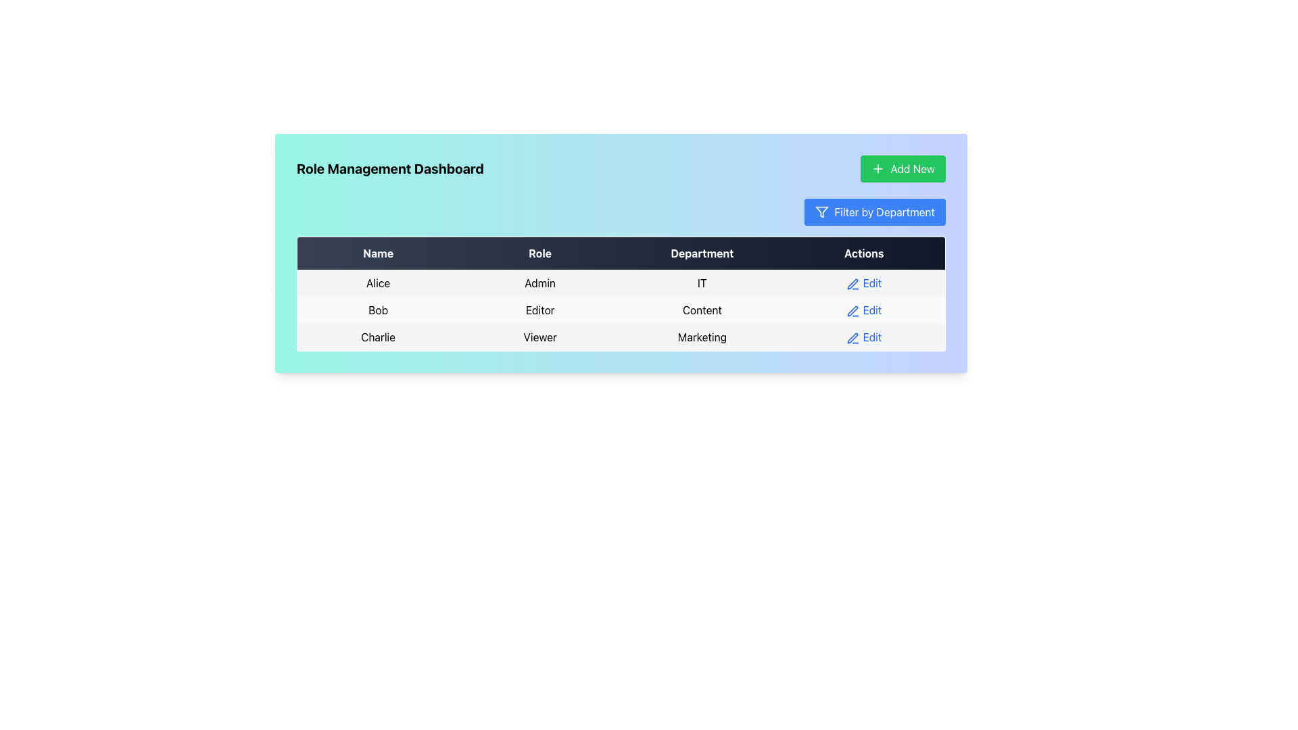  Describe the element at coordinates (702, 283) in the screenshot. I see `text element displaying 'IT' located in the 'Department' column of the table corresponding to the 'Admin' role` at that location.